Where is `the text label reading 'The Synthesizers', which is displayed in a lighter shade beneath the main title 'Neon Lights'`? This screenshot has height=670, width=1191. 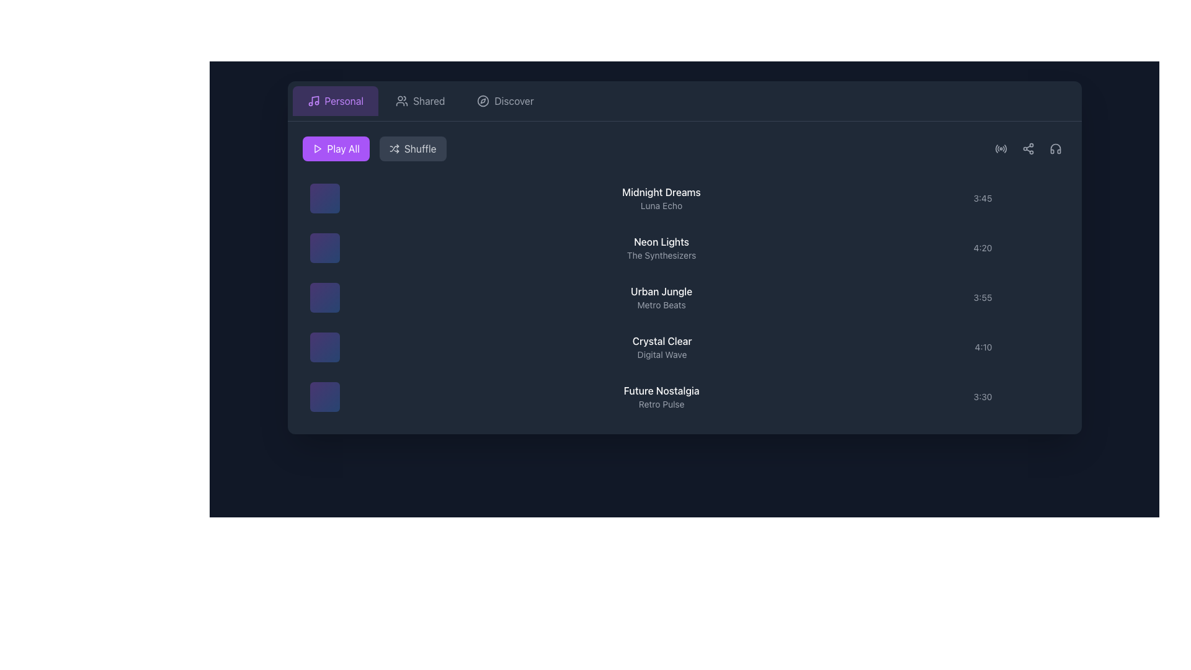
the text label reading 'The Synthesizers', which is displayed in a lighter shade beneath the main title 'Neon Lights' is located at coordinates (661, 255).